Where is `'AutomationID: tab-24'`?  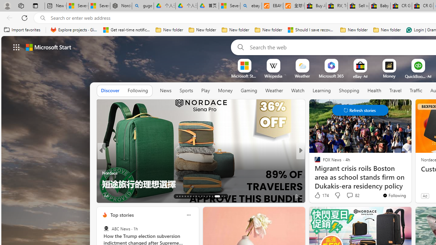 'AutomationID: tab-24' is located at coordinates (206, 196).